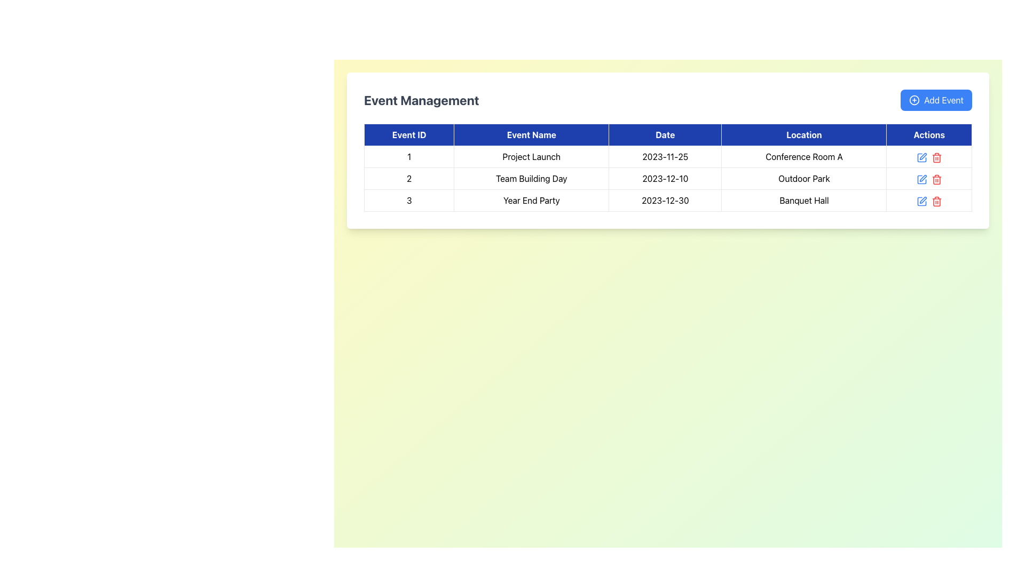  Describe the element at coordinates (531, 134) in the screenshot. I see `the second cell in the header row of the table that labels the column displaying event names, located between 'Event ID' and 'Date'` at that location.